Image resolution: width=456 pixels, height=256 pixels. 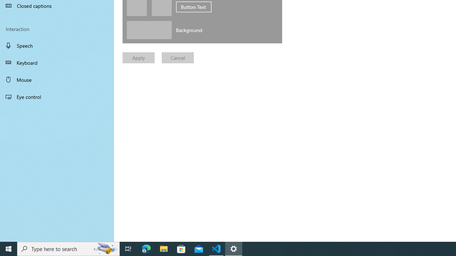 What do you see at coordinates (181, 248) in the screenshot?
I see `'Microsoft Store'` at bounding box center [181, 248].